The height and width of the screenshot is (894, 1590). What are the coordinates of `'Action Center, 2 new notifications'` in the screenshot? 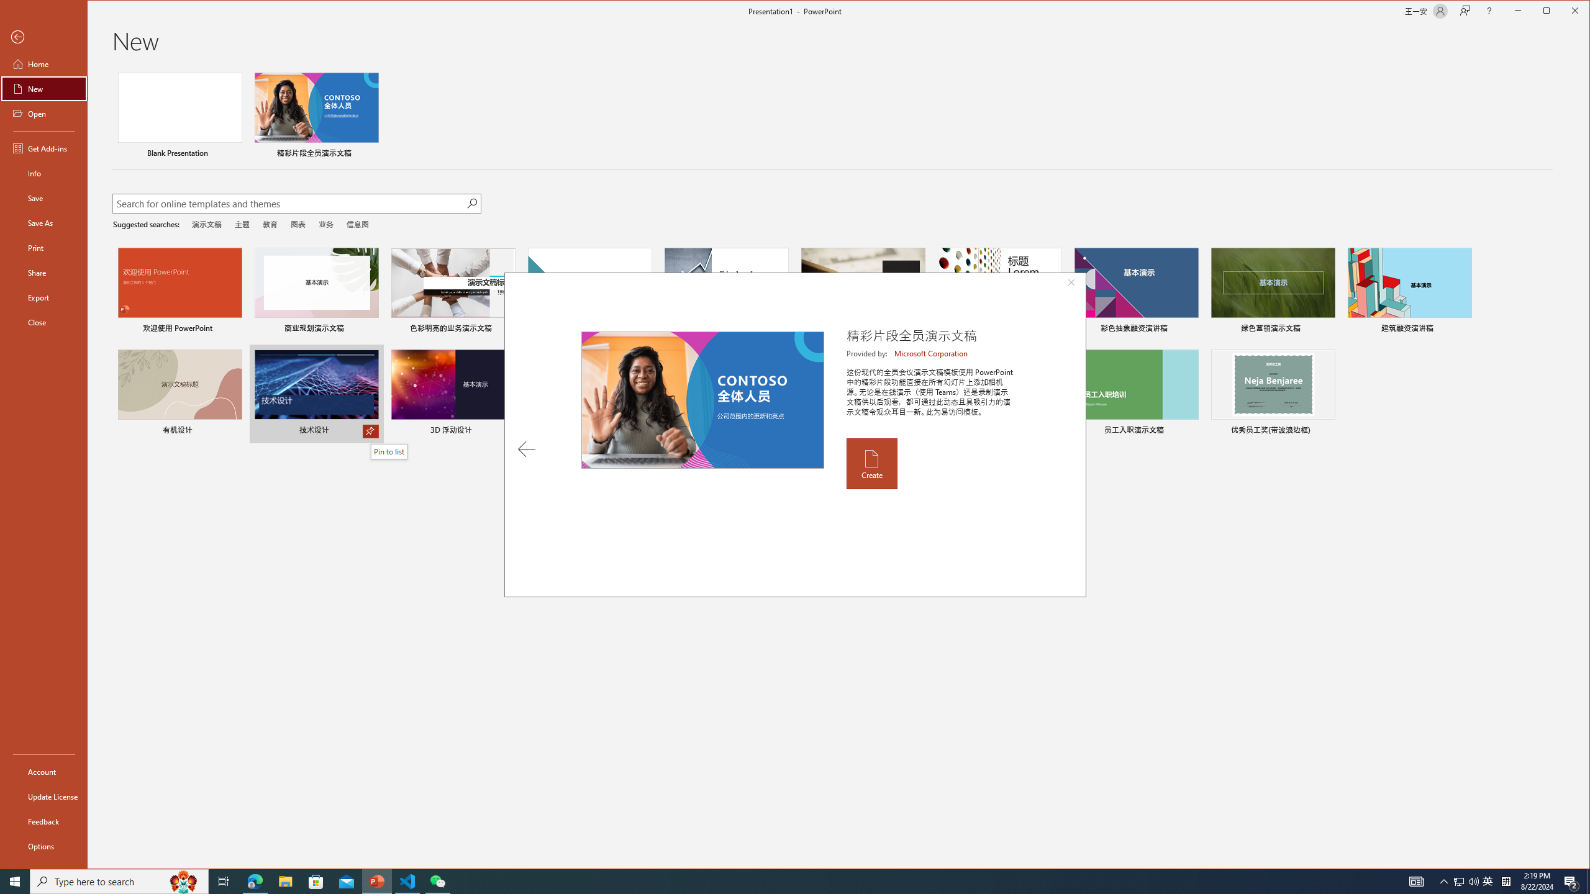 It's located at (1571, 880).